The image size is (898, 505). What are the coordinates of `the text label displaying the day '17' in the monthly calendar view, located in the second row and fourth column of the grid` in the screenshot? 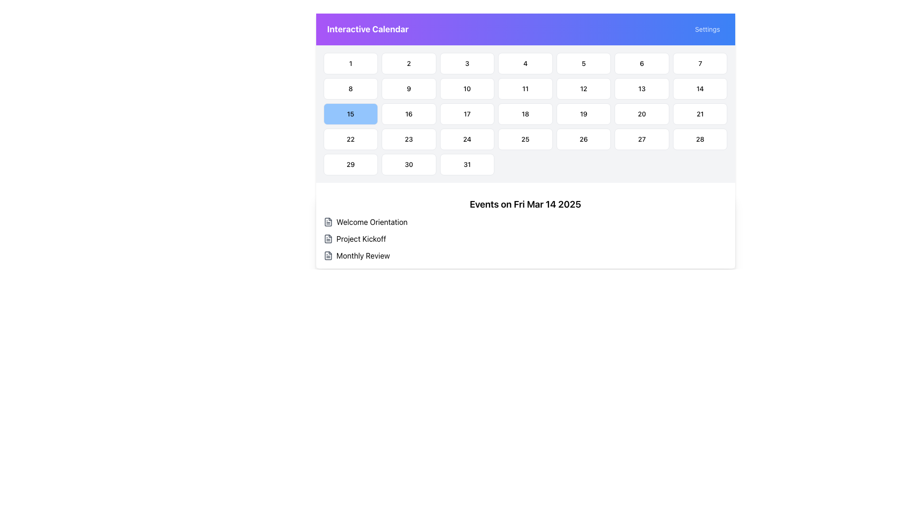 It's located at (467, 113).